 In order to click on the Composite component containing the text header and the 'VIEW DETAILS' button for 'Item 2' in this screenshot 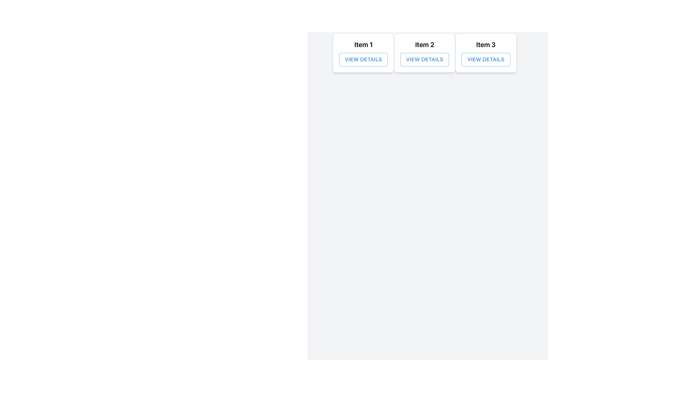, I will do `click(425, 53)`.